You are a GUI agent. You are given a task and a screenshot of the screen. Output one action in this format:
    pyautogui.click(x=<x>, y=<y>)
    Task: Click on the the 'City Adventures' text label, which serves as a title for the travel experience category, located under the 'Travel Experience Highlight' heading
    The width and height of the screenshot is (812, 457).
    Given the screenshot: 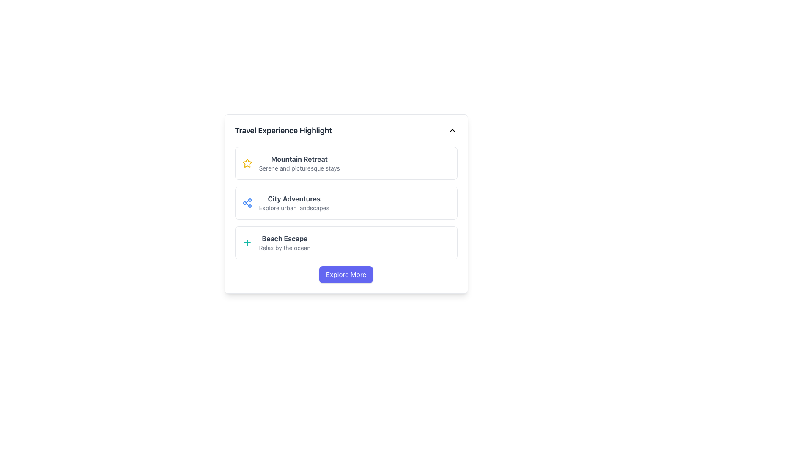 What is the action you would take?
    pyautogui.click(x=294, y=199)
    